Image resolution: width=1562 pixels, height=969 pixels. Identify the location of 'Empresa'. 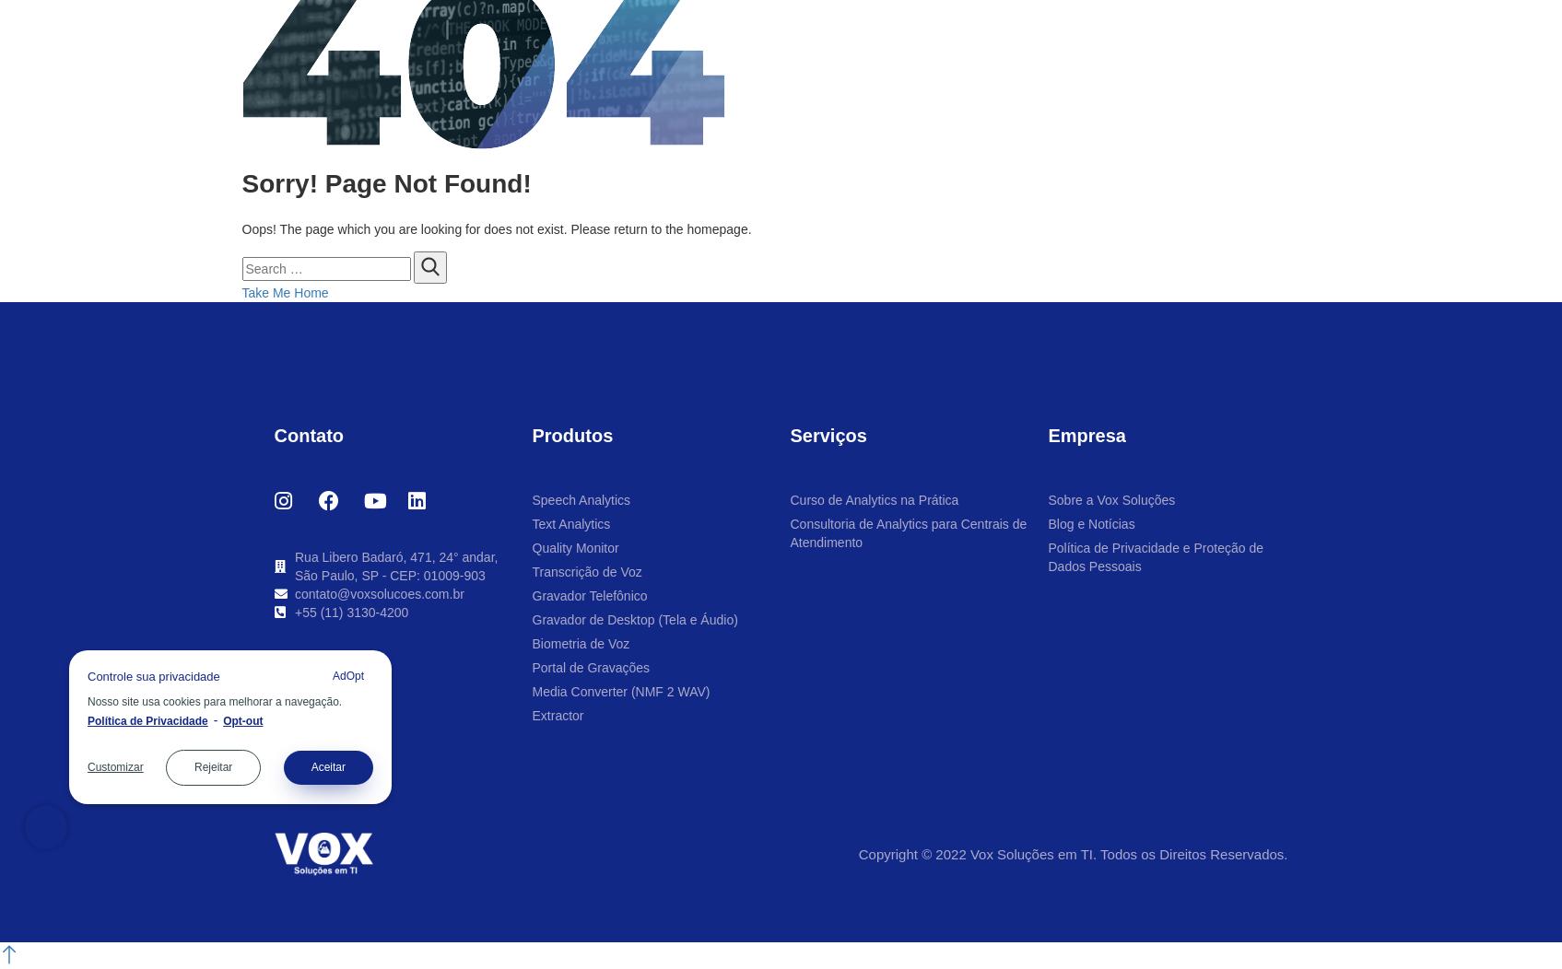
(1086, 435).